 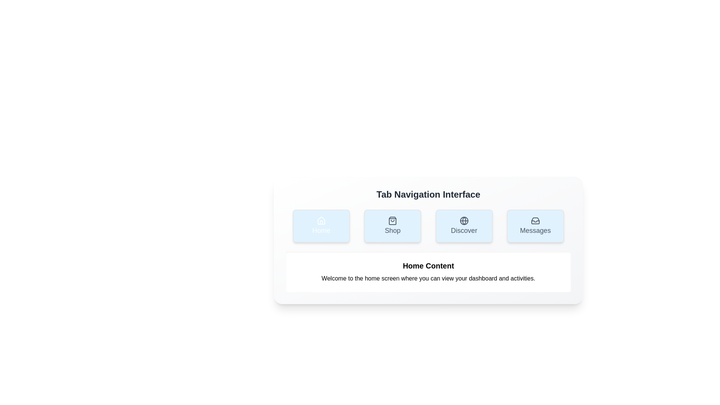 What do you see at coordinates (428, 272) in the screenshot?
I see `the Text display section located centrally in the lower section of the interface, below the navigation bar` at bounding box center [428, 272].